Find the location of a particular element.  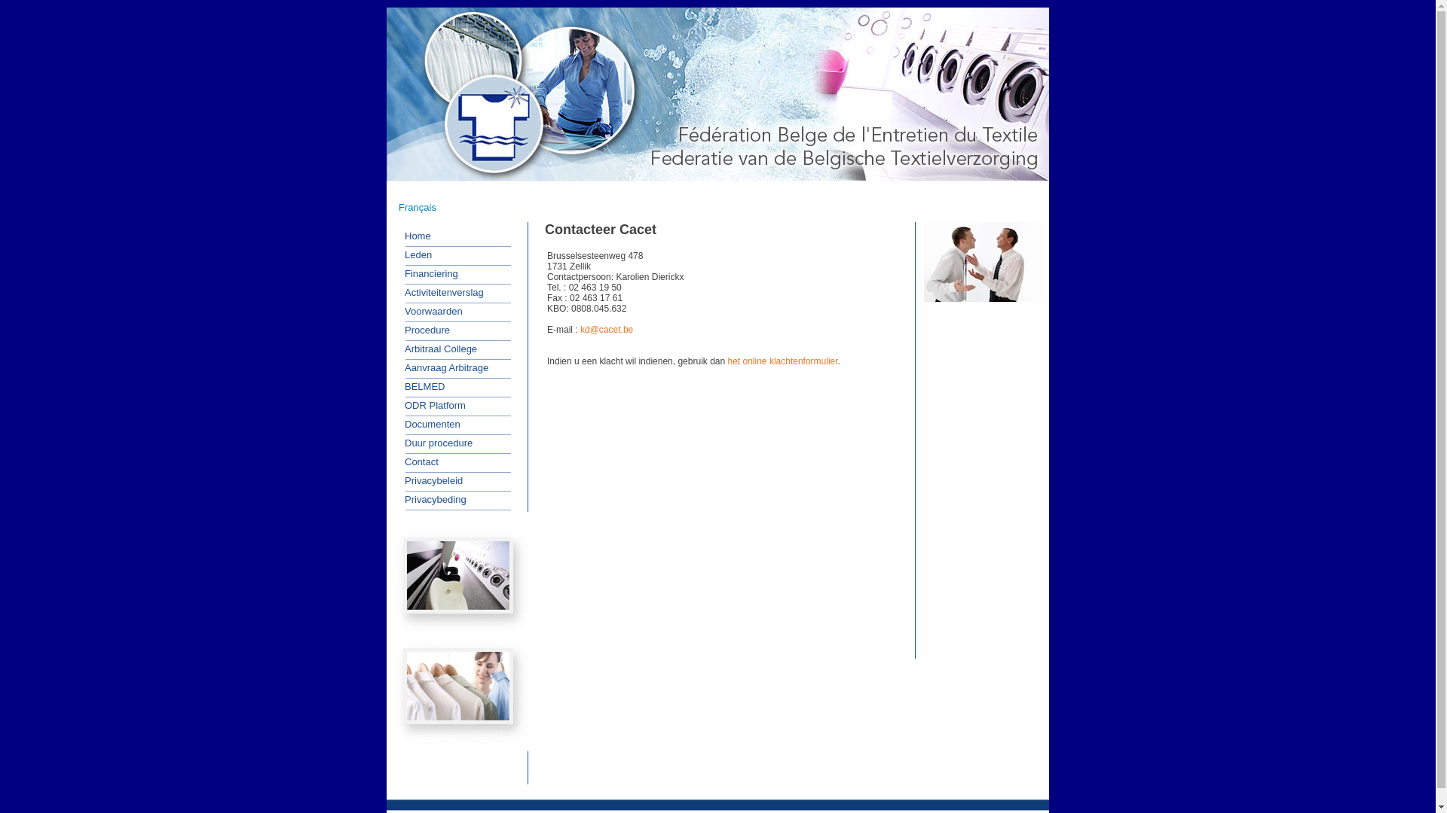

'Voorwaarden' is located at coordinates (427, 309).